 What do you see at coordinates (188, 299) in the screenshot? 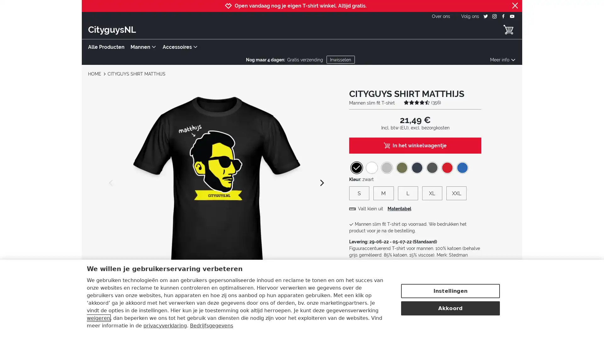
I see `CITYGUYS SHIRT MATTHIJS view 2` at bounding box center [188, 299].